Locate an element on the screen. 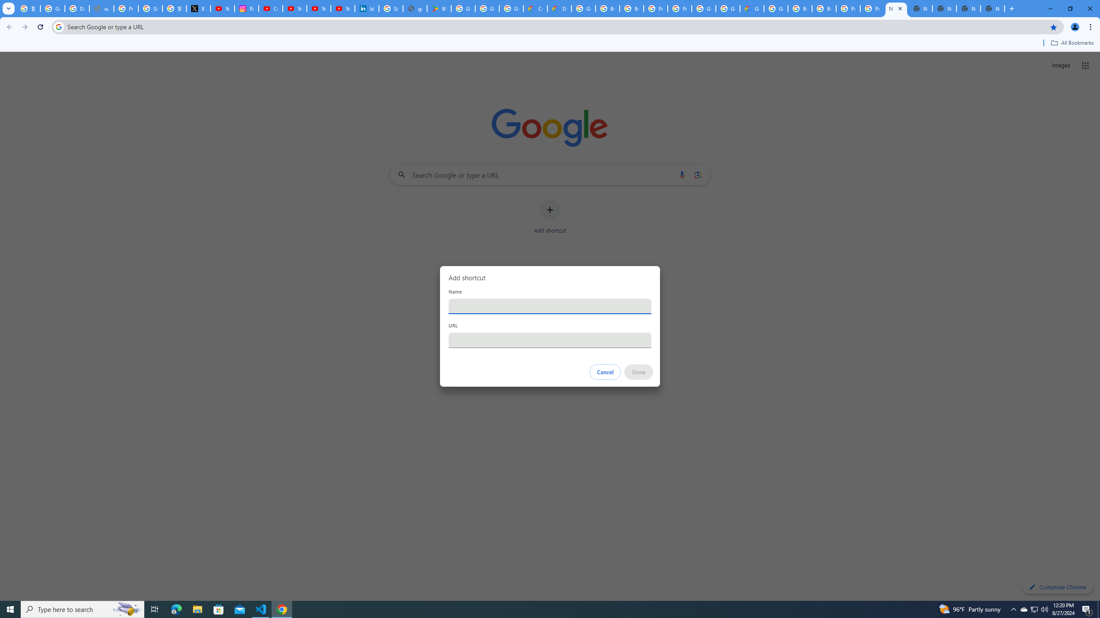  'Google Cloud Estimate Summary' is located at coordinates (751, 8).